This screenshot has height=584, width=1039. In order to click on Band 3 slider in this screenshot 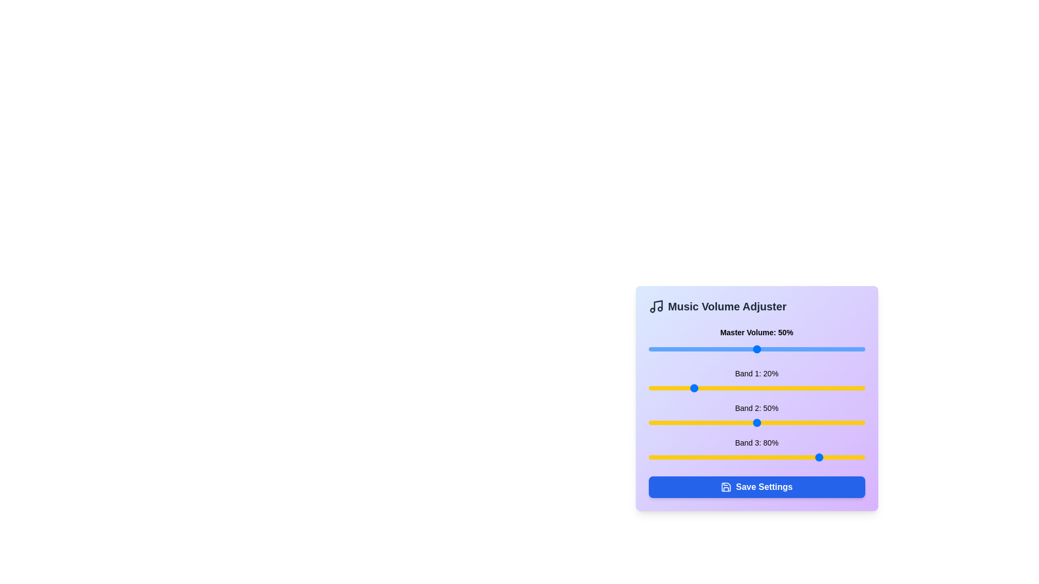, I will do `click(758, 457)`.